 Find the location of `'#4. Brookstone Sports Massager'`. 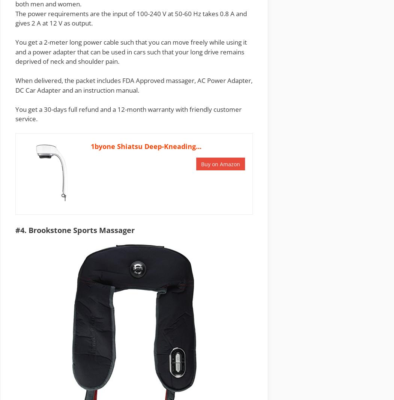

'#4. Brookstone Sports Massager' is located at coordinates (75, 230).